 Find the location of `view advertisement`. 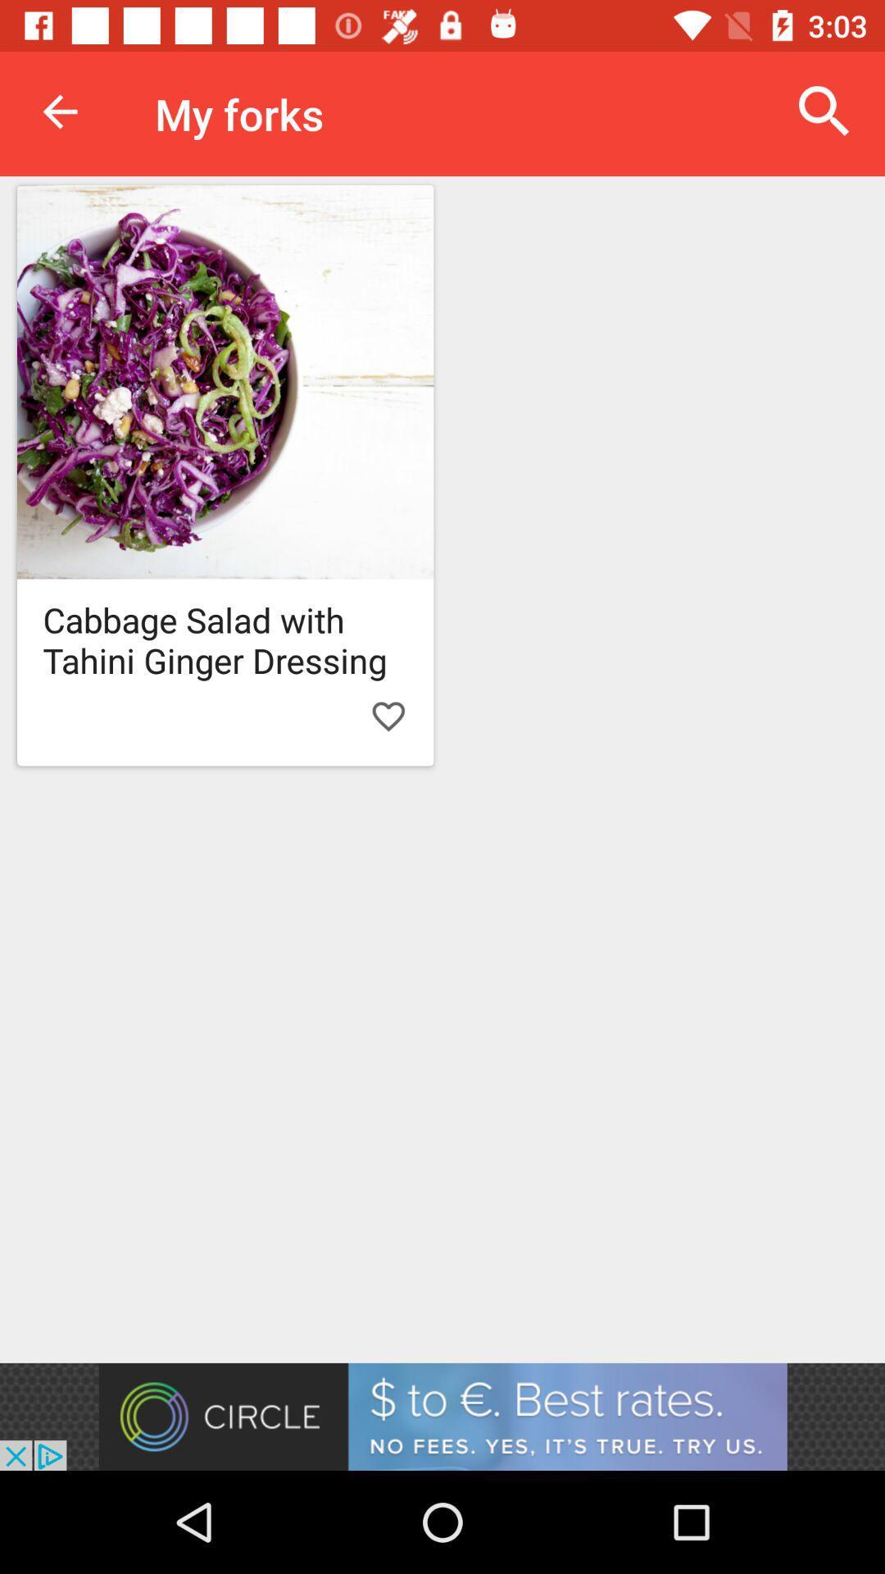

view advertisement is located at coordinates (442, 1416).